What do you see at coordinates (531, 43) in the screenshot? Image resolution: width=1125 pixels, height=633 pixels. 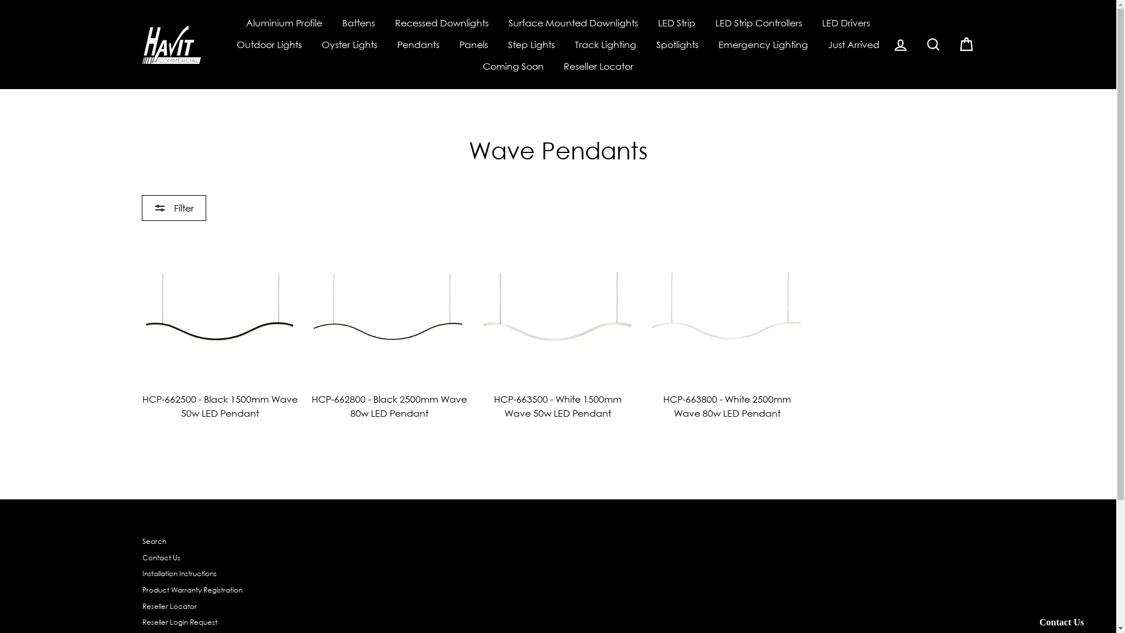 I see `'Step Lights'` at bounding box center [531, 43].